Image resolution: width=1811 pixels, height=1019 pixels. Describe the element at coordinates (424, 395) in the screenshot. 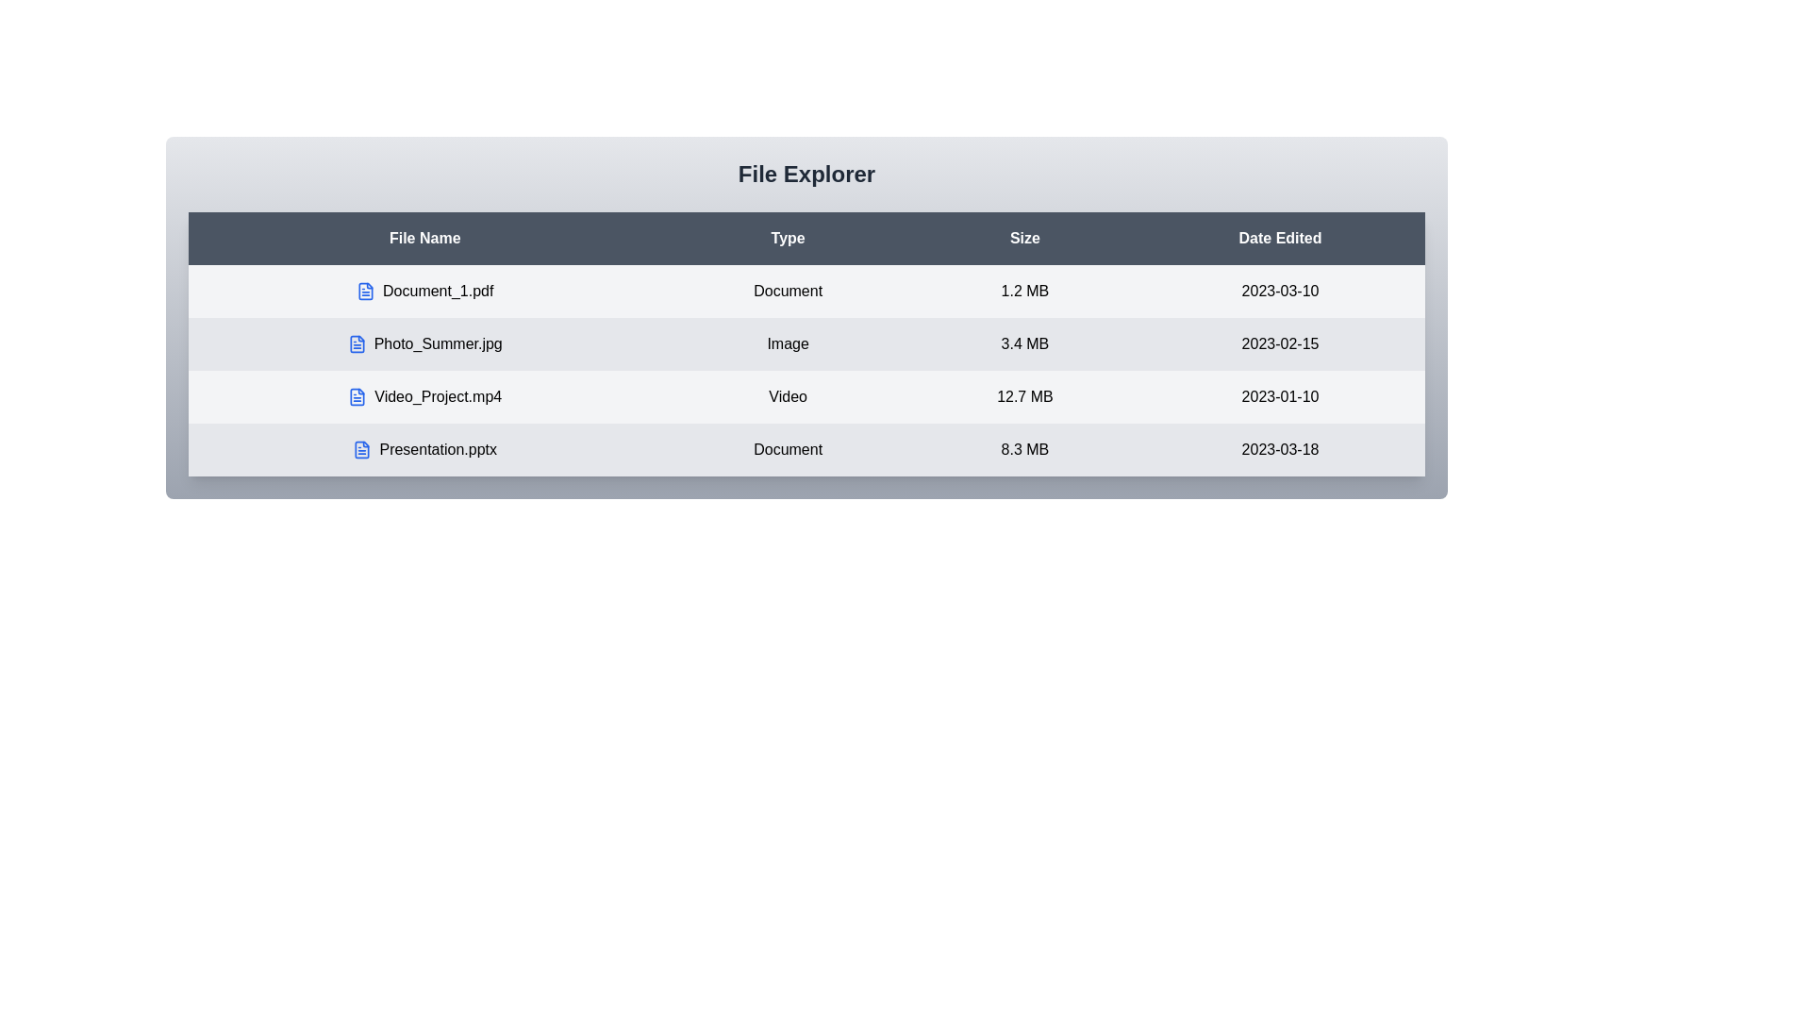

I see `the row corresponding to the file Video_Project.mp4` at that location.